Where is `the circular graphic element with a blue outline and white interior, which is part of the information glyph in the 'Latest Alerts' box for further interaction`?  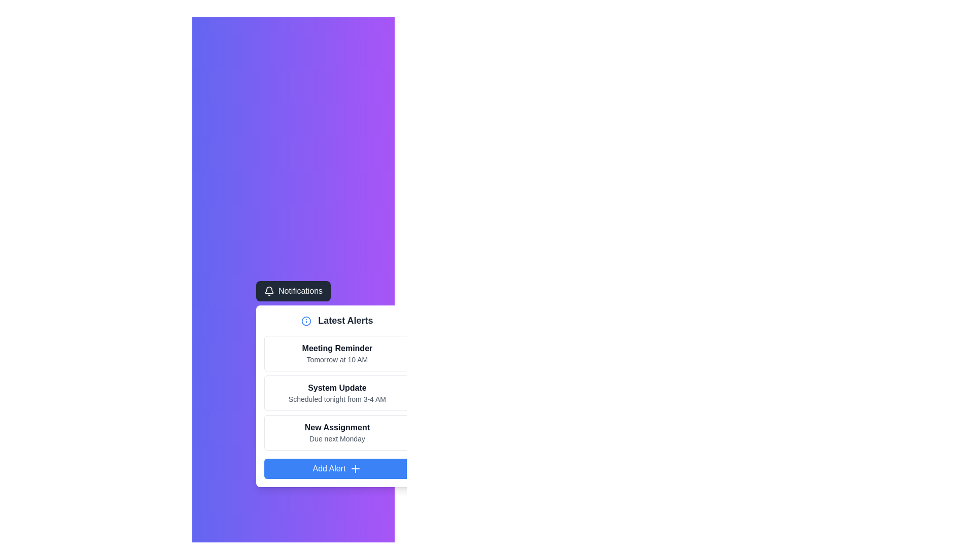 the circular graphic element with a blue outline and white interior, which is part of the information glyph in the 'Latest Alerts' box for further interaction is located at coordinates (306, 321).